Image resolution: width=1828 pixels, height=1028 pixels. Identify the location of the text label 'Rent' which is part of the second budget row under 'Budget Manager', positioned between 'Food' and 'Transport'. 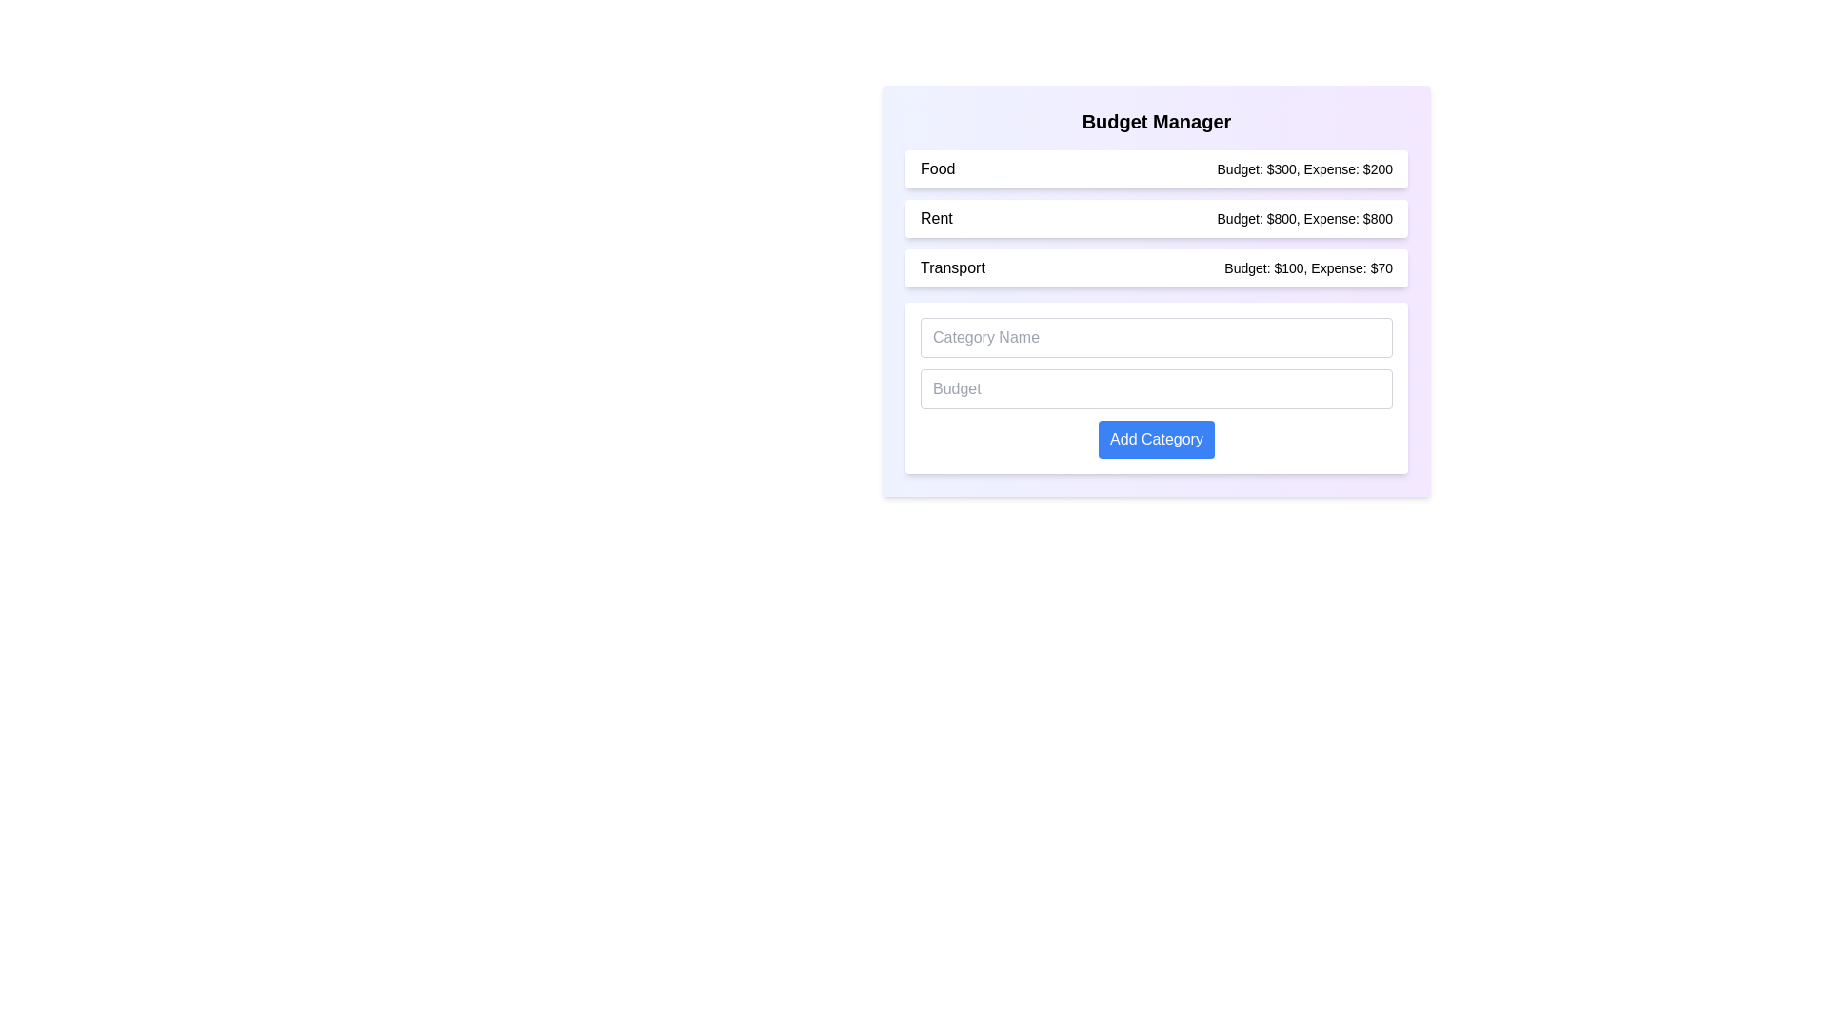
(936, 218).